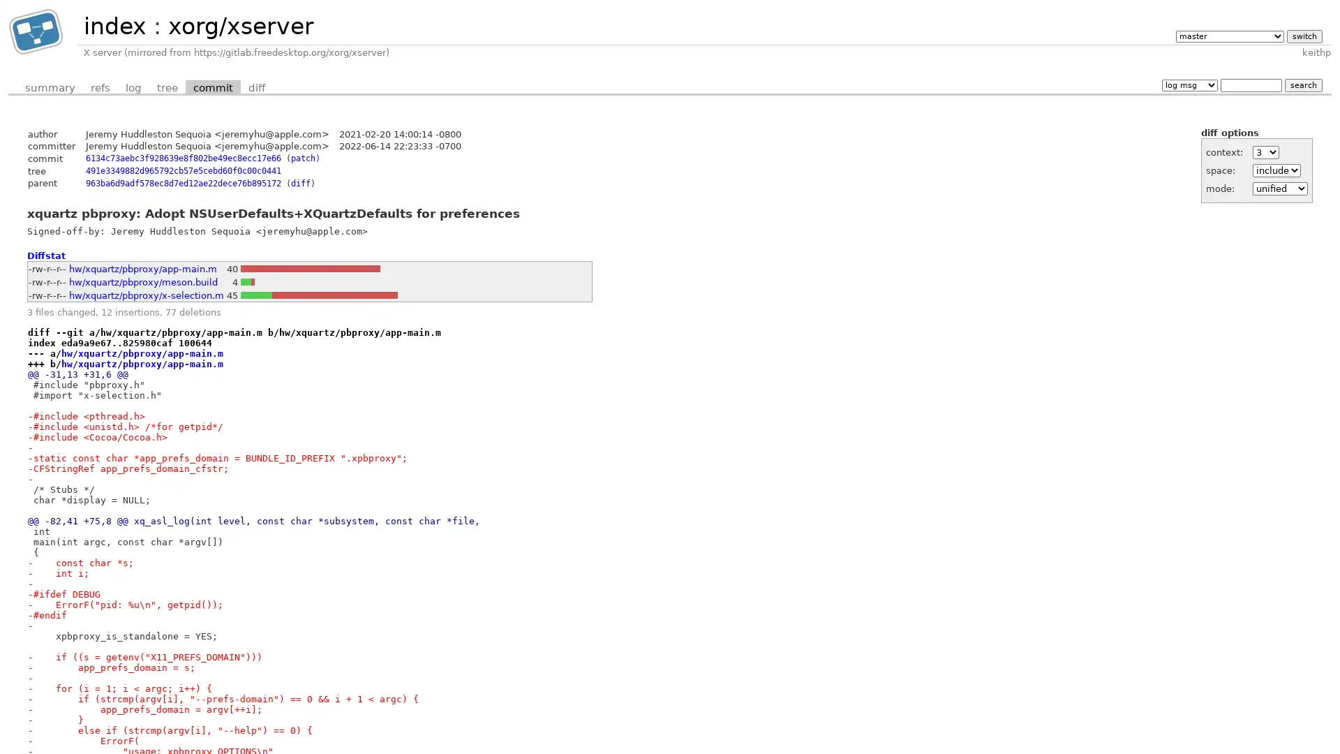  I want to click on switch, so click(1303, 35).